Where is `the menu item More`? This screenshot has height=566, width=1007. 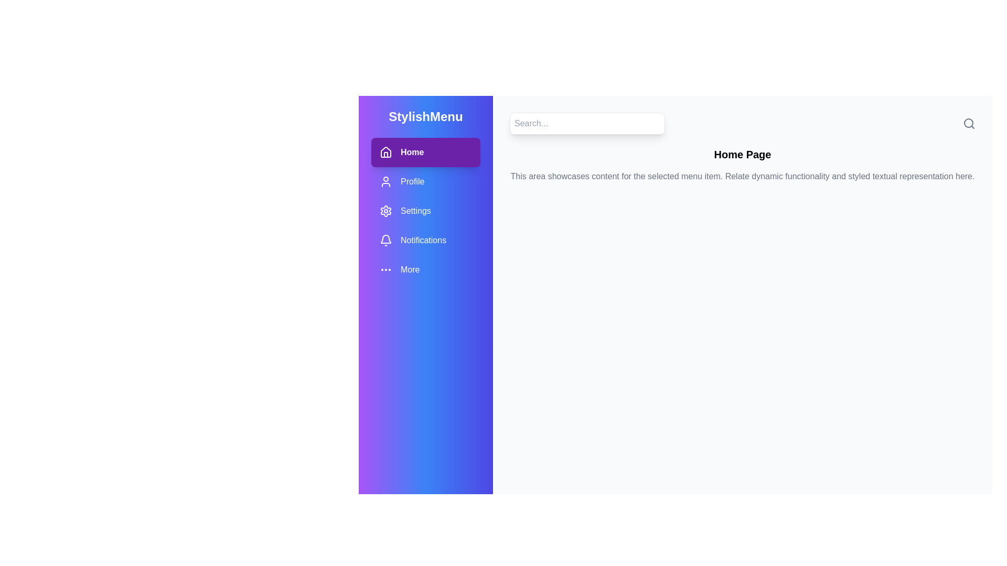
the menu item More is located at coordinates (425, 269).